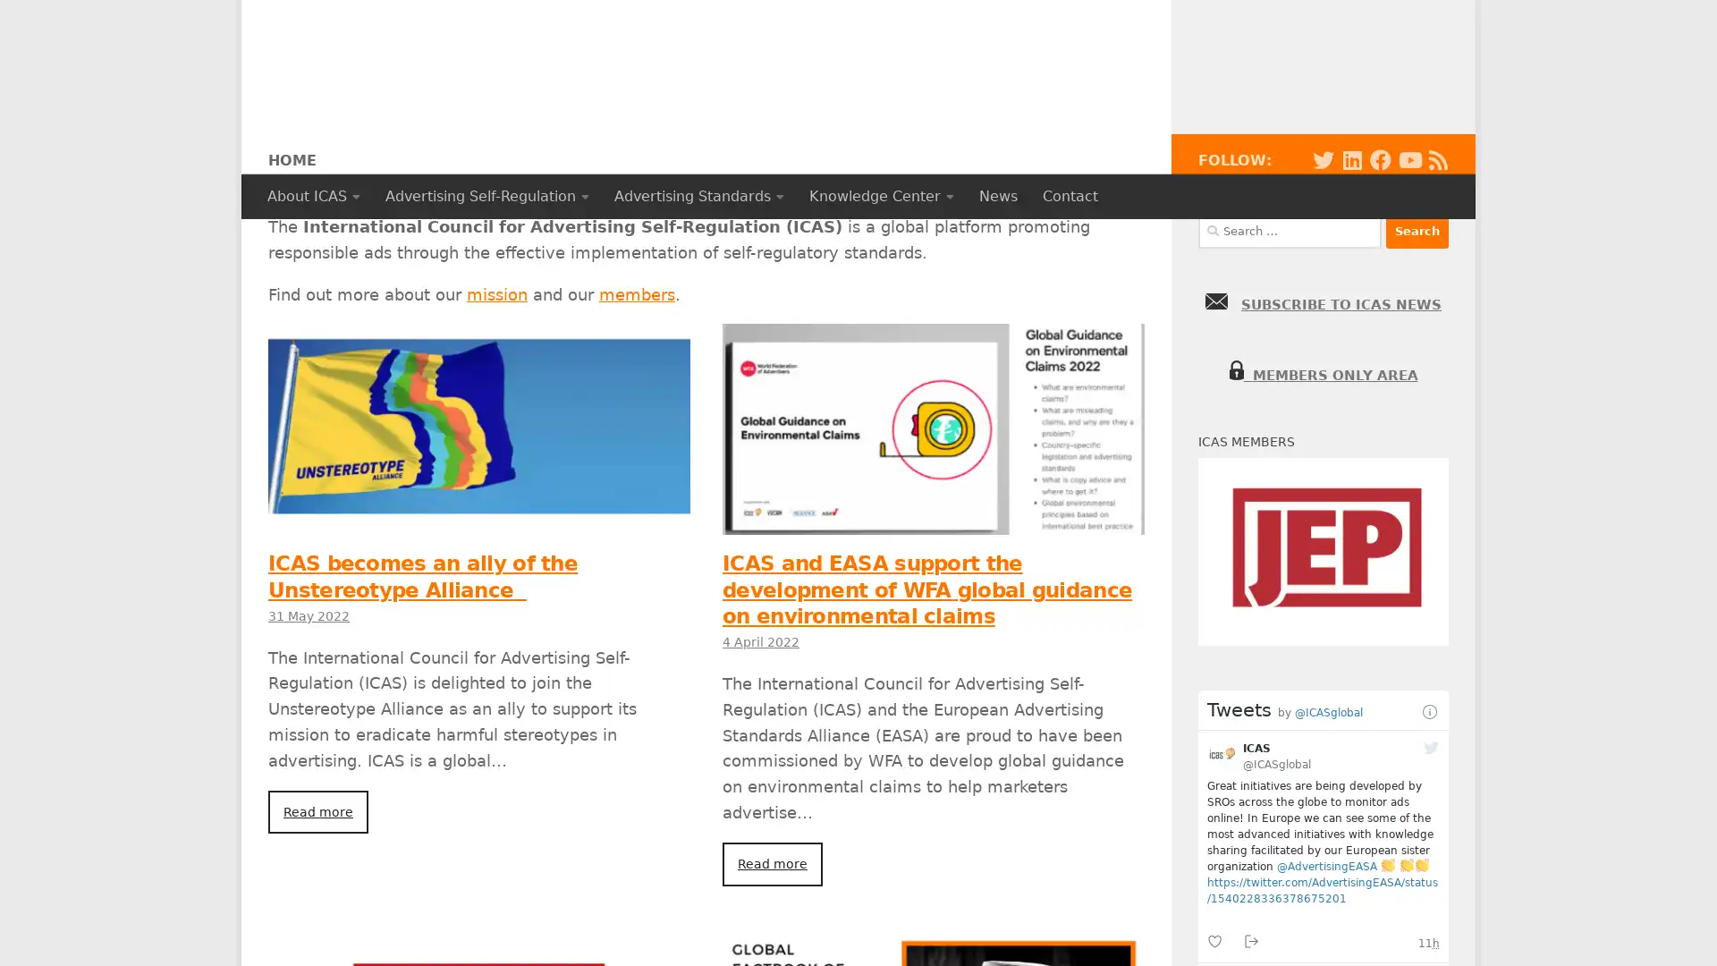 The height and width of the screenshot is (966, 1717). I want to click on Search, so click(1416, 316).